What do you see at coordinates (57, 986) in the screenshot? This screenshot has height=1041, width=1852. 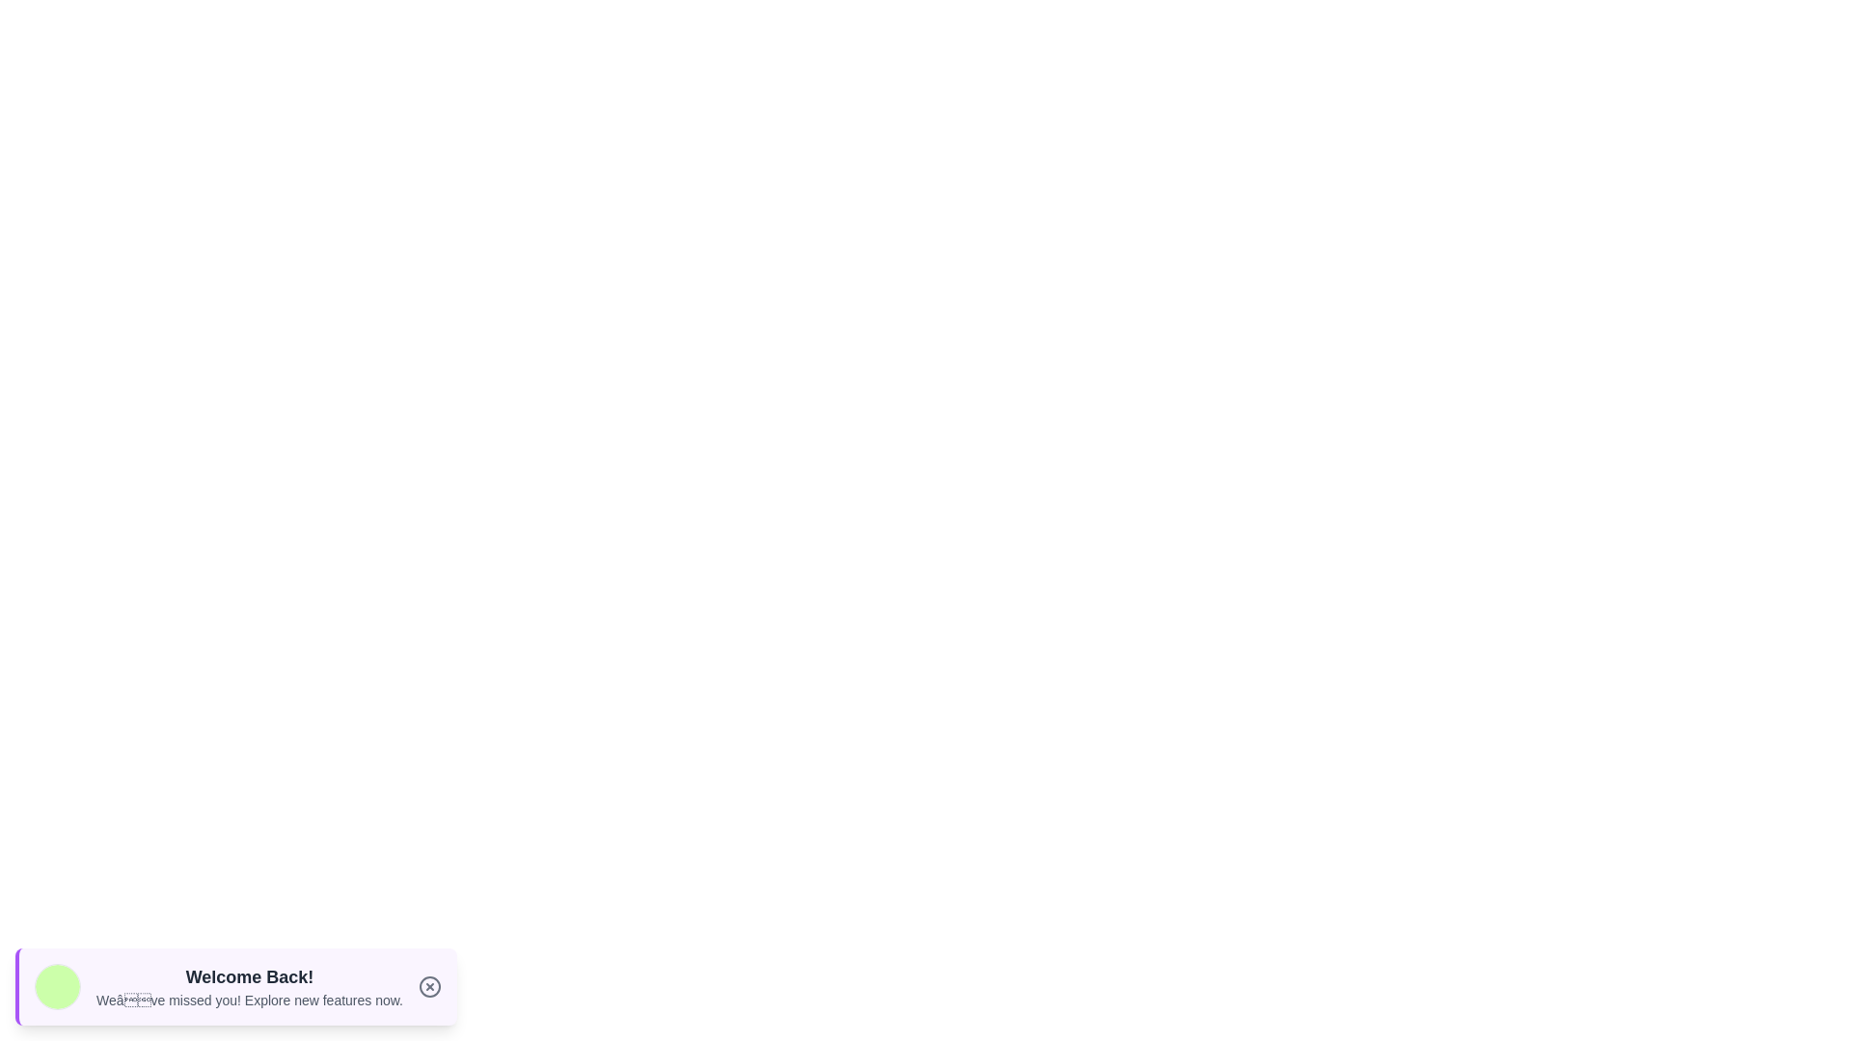 I see `the user avatar image to interact with it` at bounding box center [57, 986].